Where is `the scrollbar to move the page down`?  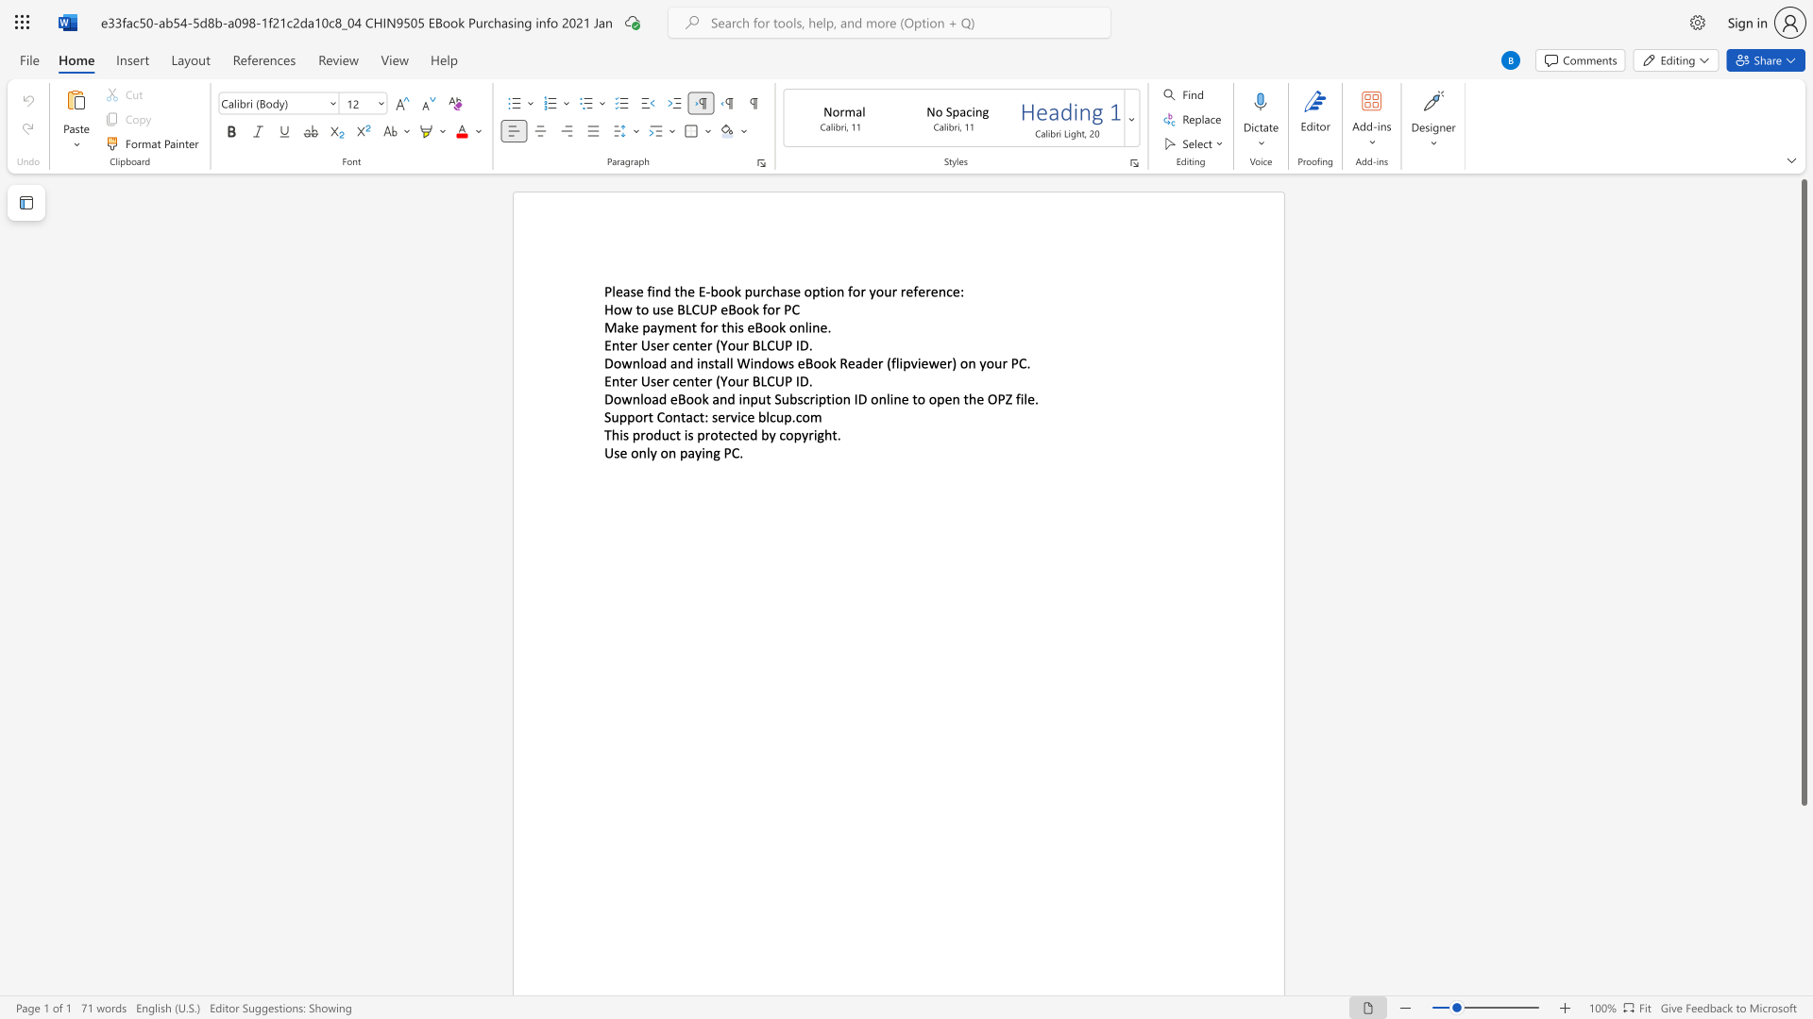
the scrollbar to move the page down is located at coordinates (1803, 934).